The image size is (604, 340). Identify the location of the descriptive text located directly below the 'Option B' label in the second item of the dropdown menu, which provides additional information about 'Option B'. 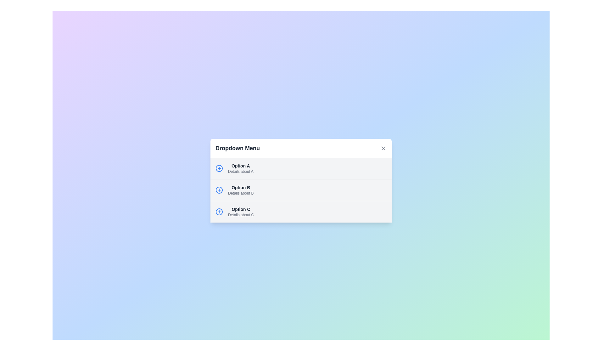
(240, 193).